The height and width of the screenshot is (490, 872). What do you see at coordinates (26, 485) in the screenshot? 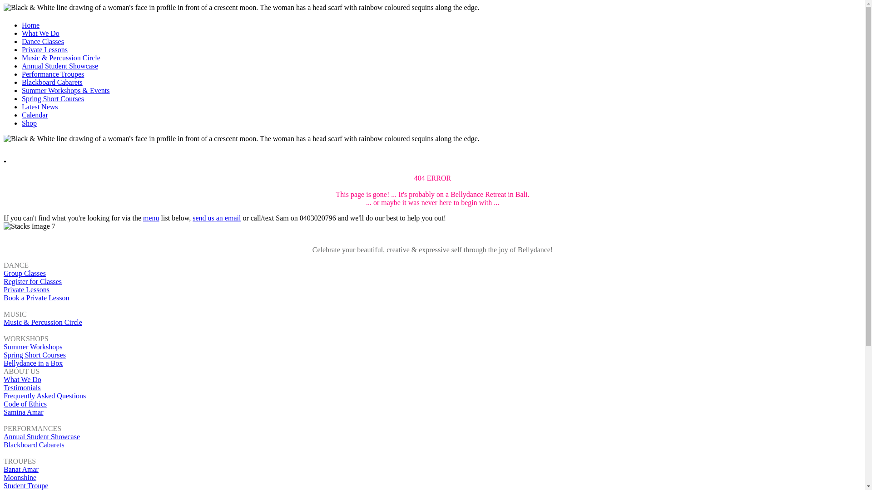
I see `'Student Troupe'` at bounding box center [26, 485].